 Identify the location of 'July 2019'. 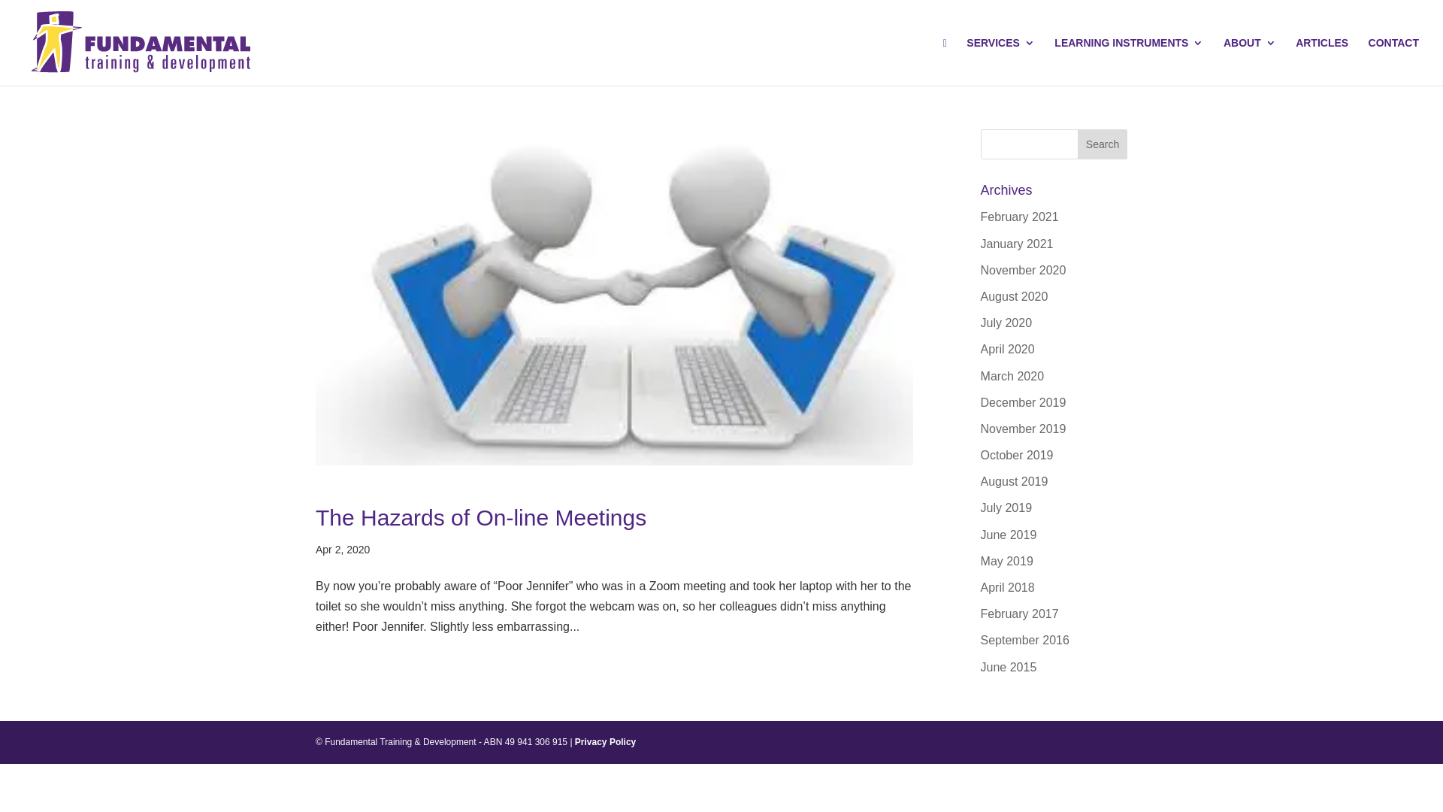
(981, 507).